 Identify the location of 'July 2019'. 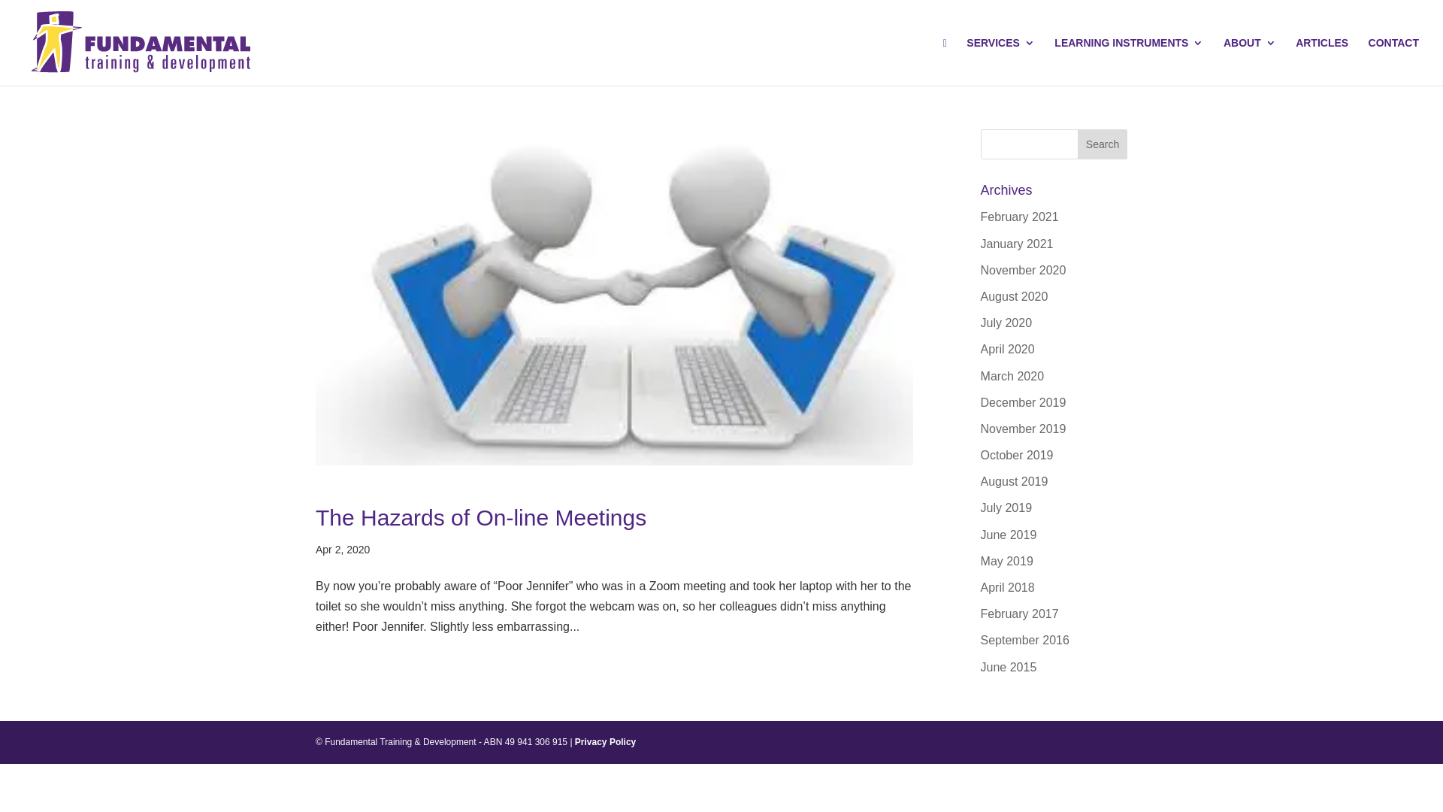
(981, 507).